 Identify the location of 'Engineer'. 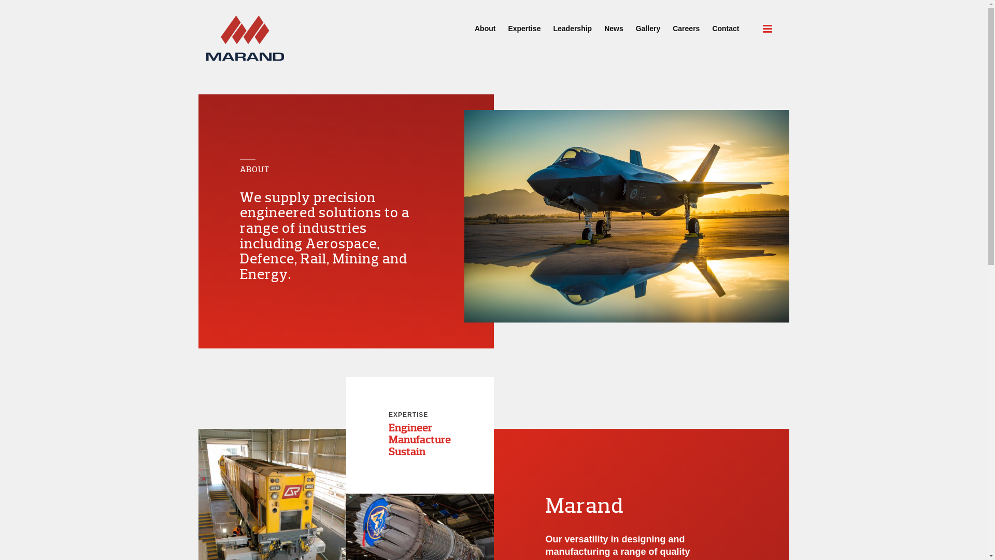
(410, 428).